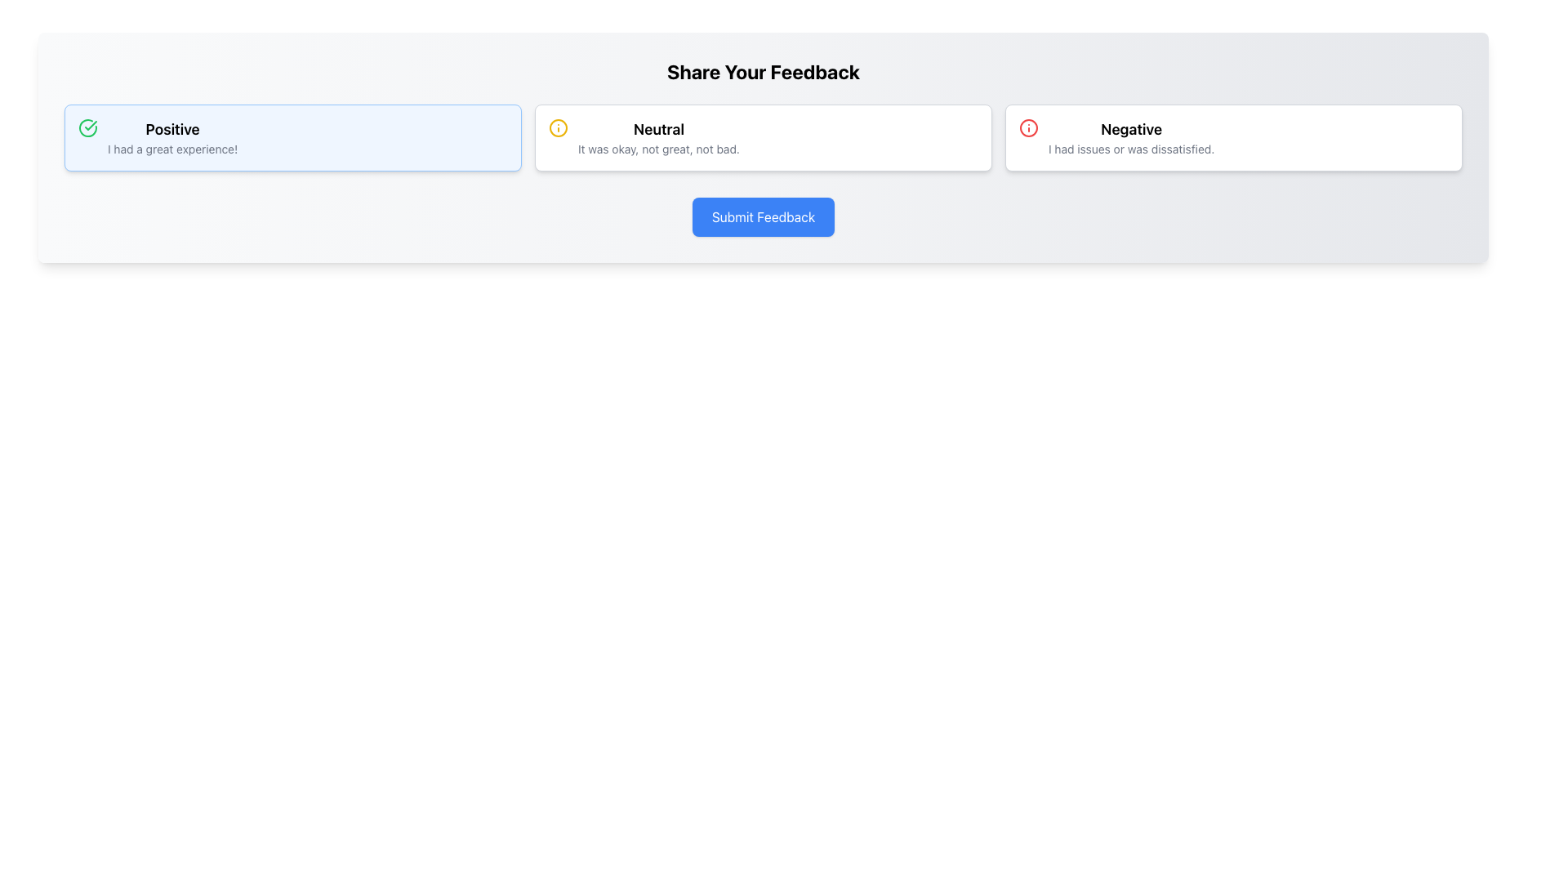 Image resolution: width=1568 pixels, height=882 pixels. What do you see at coordinates (763, 137) in the screenshot?
I see `the 'Neutral' feedback option selection button, which is the middle button in a group of three feedback options` at bounding box center [763, 137].